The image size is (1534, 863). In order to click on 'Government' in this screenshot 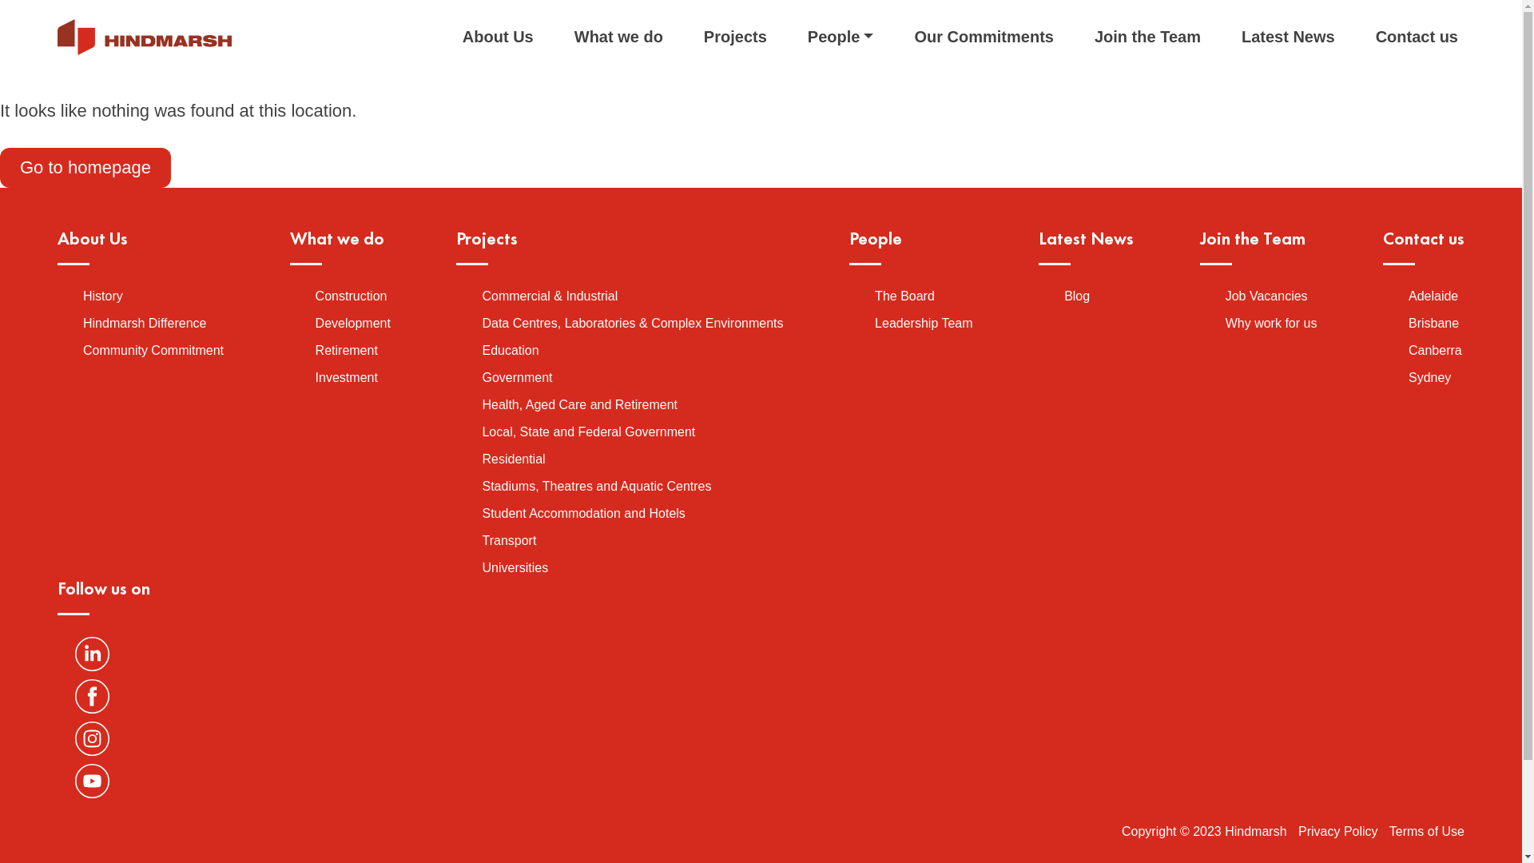, I will do `click(517, 377)`.